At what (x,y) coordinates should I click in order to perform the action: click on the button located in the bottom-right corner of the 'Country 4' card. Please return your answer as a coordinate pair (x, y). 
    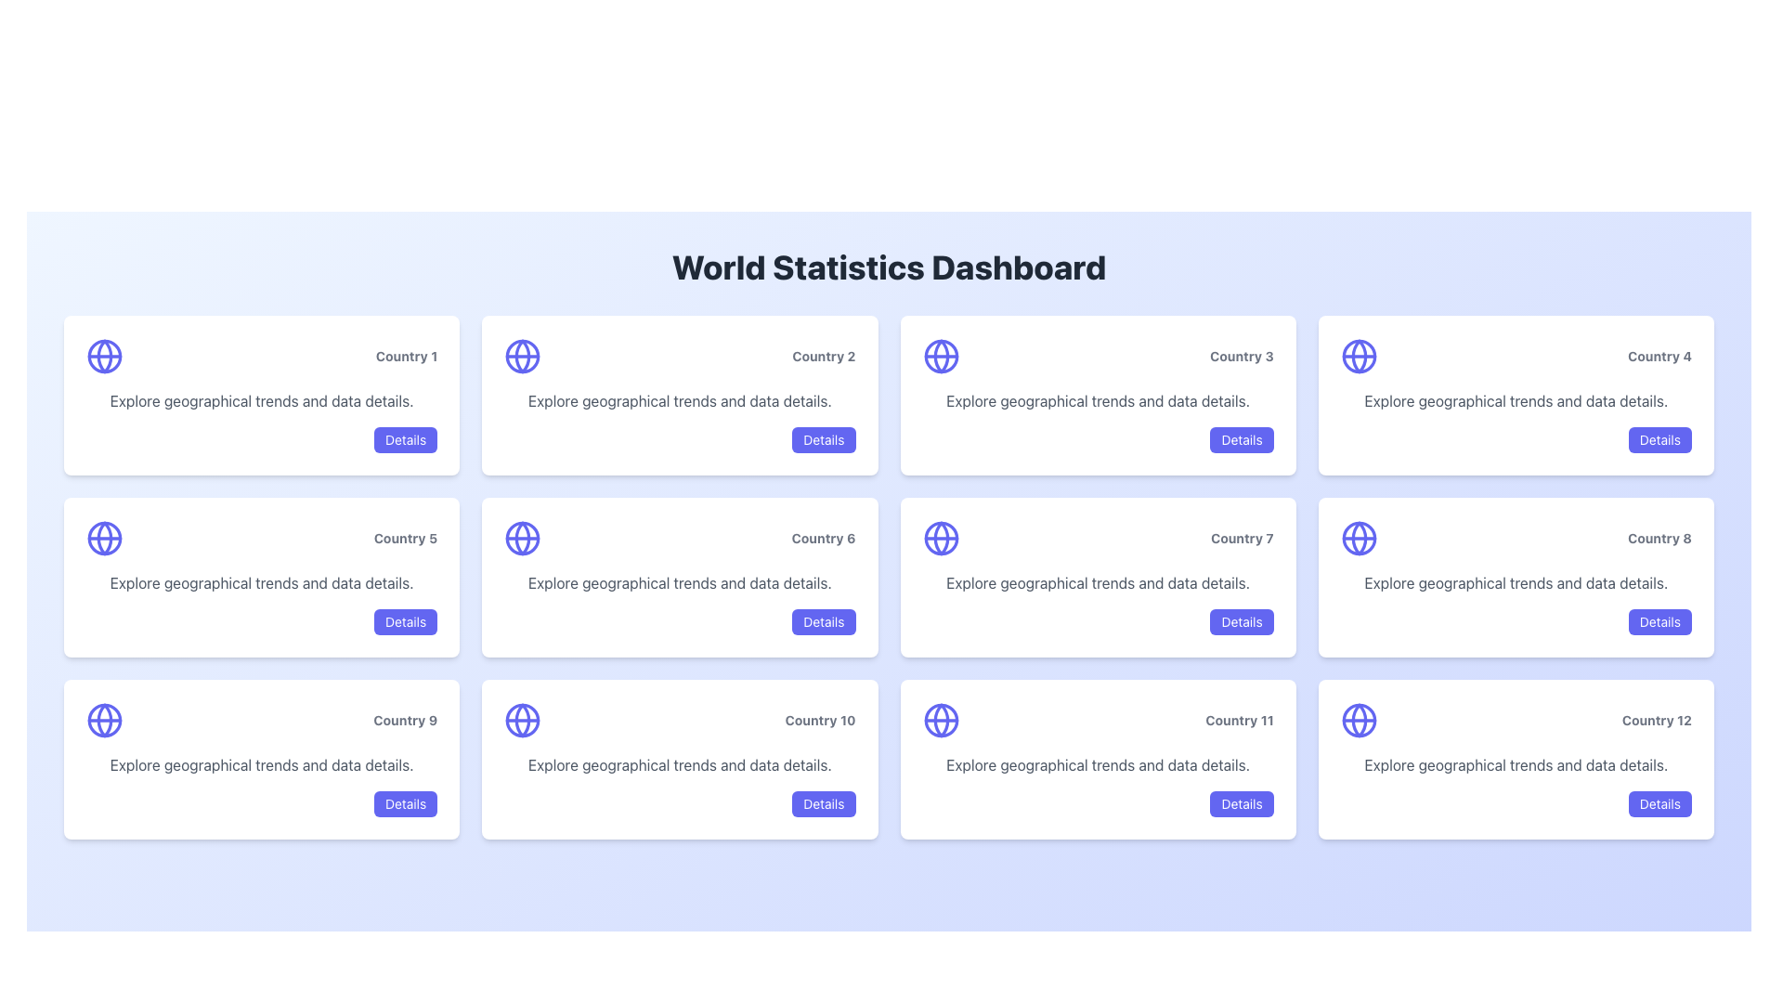
    Looking at the image, I should click on (1659, 440).